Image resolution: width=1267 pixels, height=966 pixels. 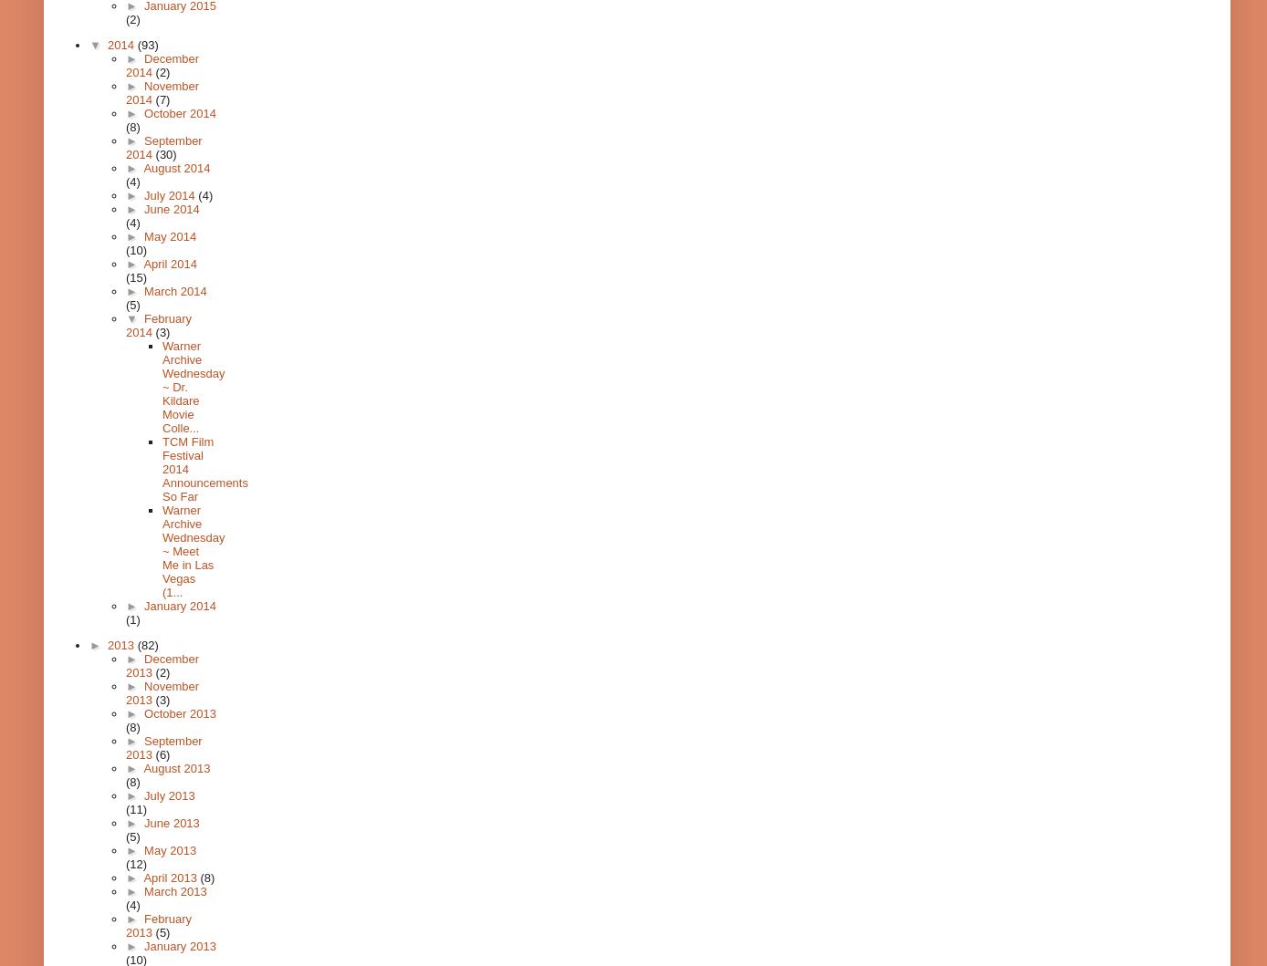 What do you see at coordinates (136, 277) in the screenshot?
I see `'(15)'` at bounding box center [136, 277].